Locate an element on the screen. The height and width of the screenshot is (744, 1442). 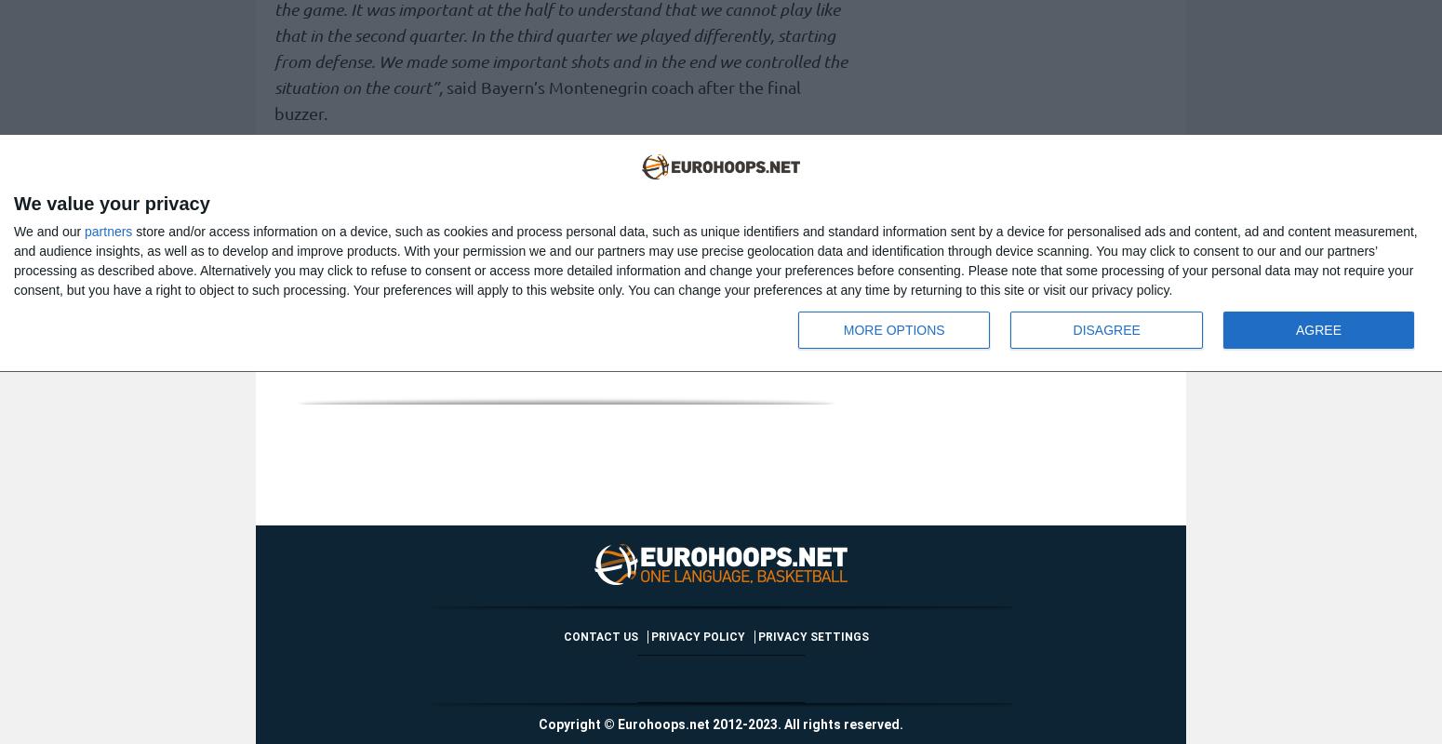
'Copyright © Eurohoops.net 2012-2023. All rights reserved.' is located at coordinates (538, 724).